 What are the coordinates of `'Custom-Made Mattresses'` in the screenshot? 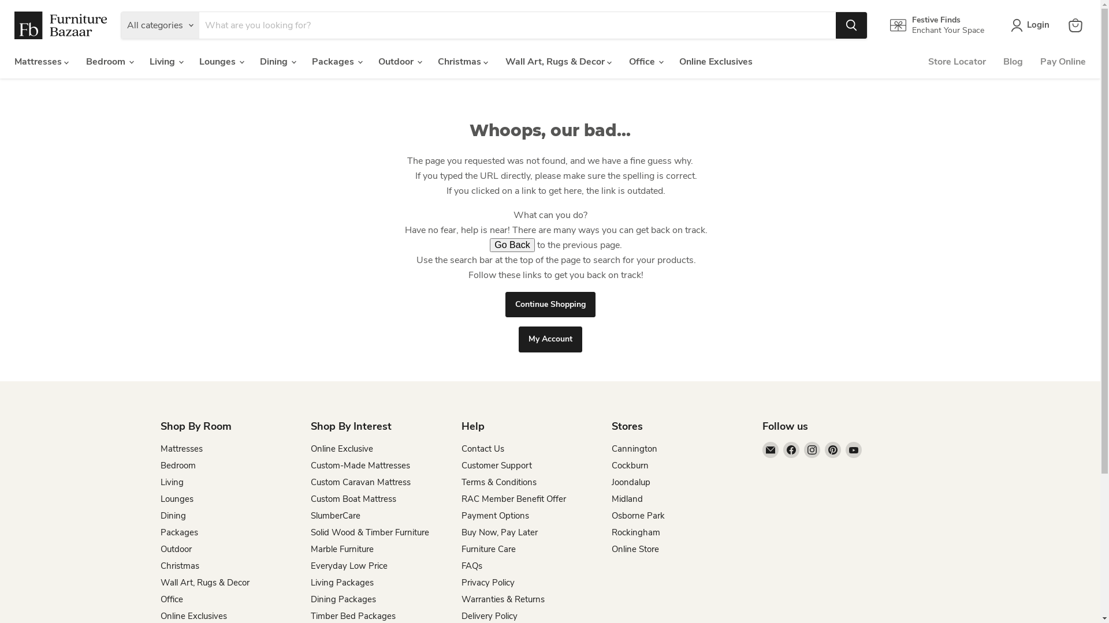 It's located at (310, 464).